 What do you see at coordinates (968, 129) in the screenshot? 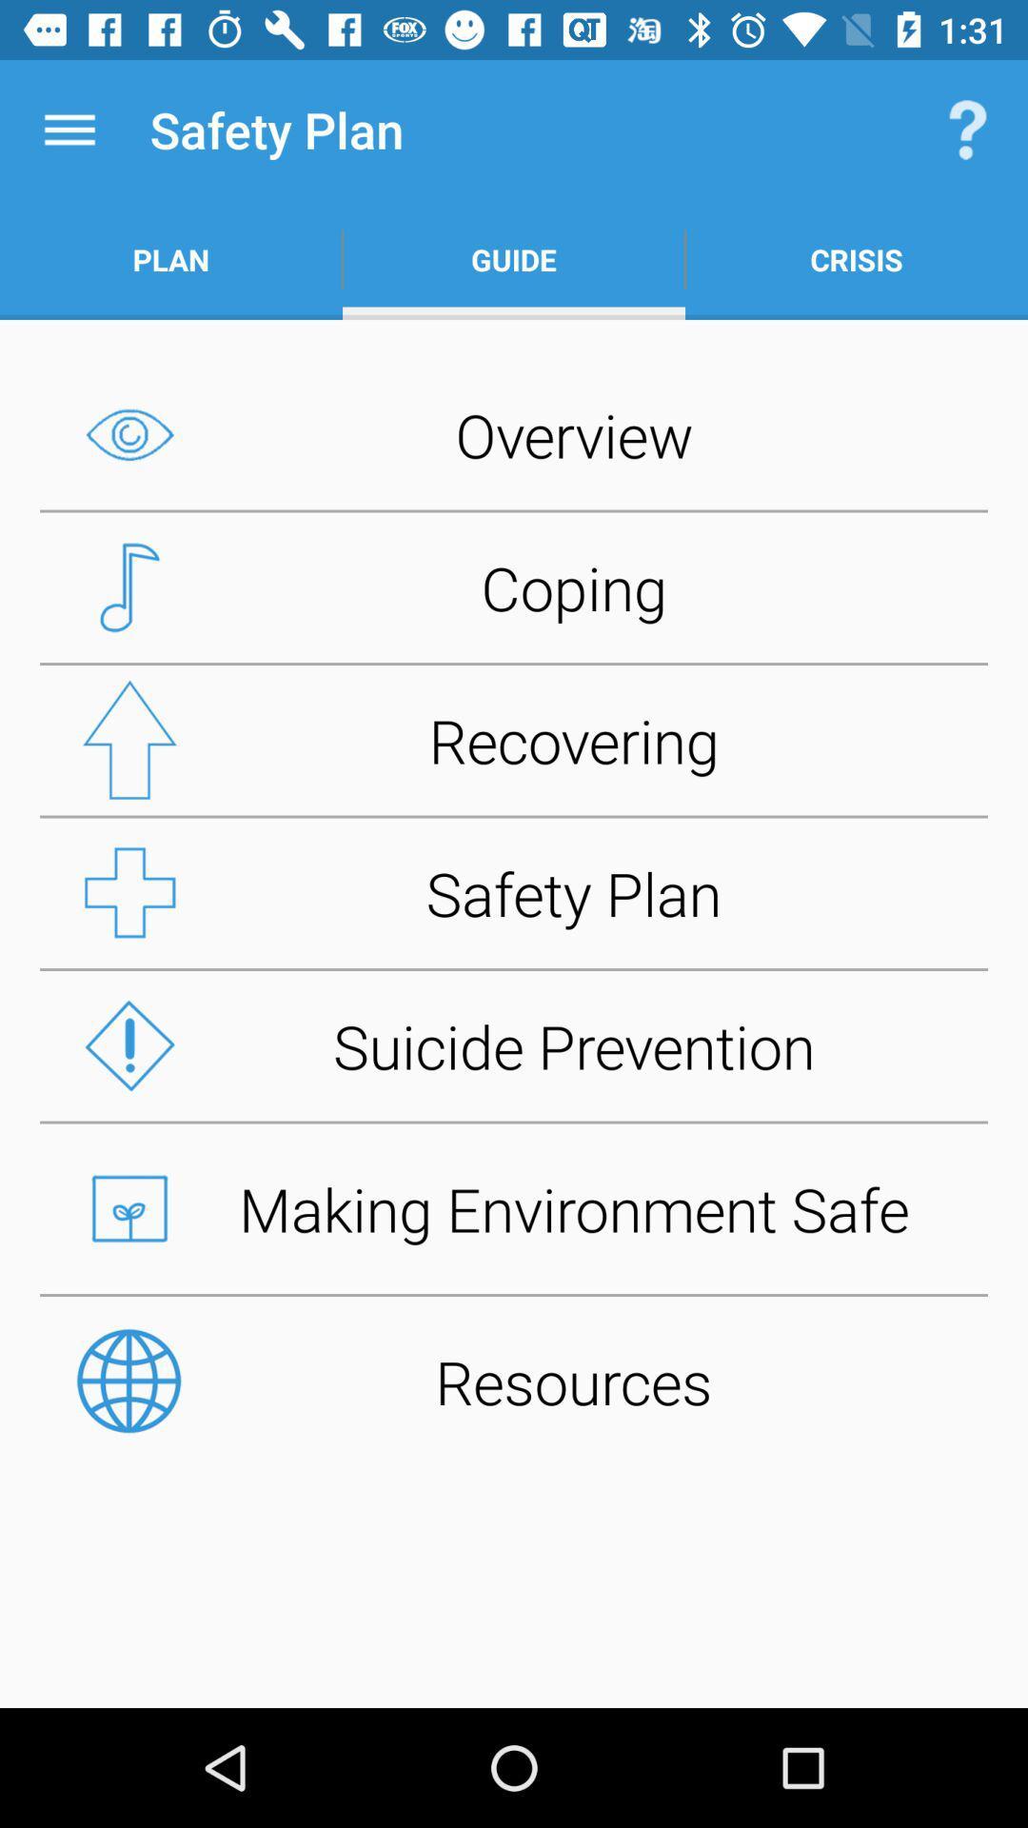
I see `icon to the right of guide item` at bounding box center [968, 129].